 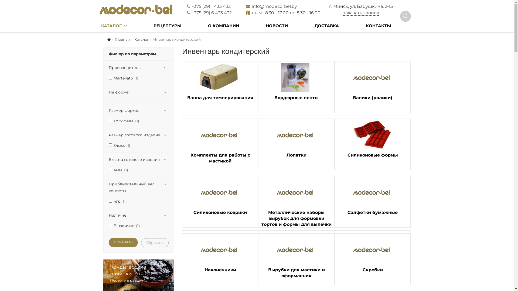 I want to click on 'info@modecorbel.by', so click(x=251, y=6).